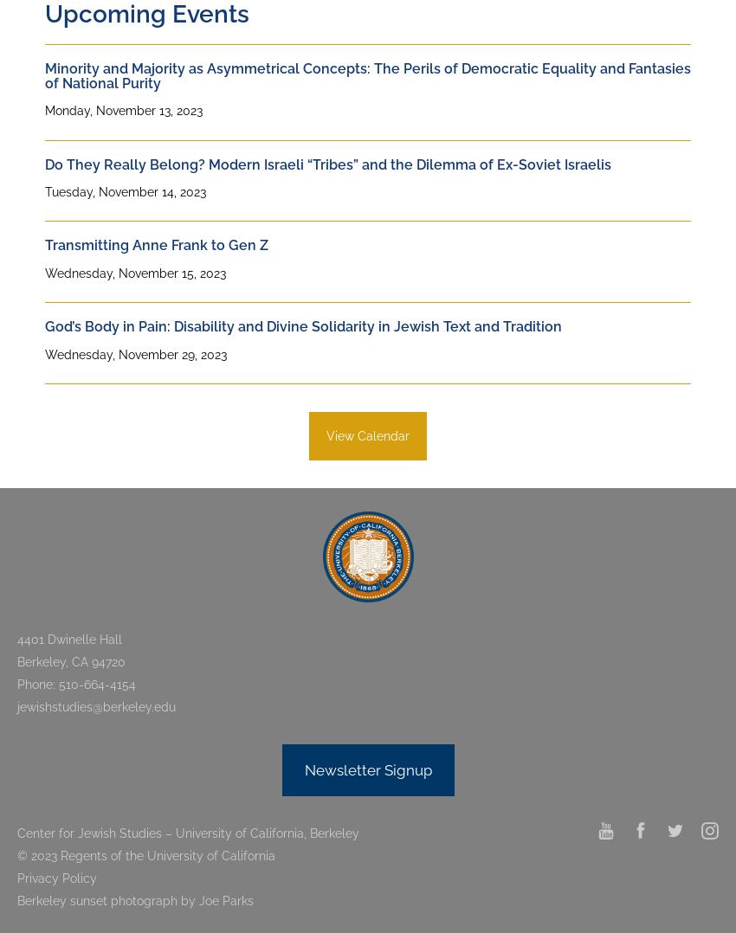 The height and width of the screenshot is (933, 736). Describe the element at coordinates (69, 638) in the screenshot. I see `'4401 Dwinelle Hall'` at that location.